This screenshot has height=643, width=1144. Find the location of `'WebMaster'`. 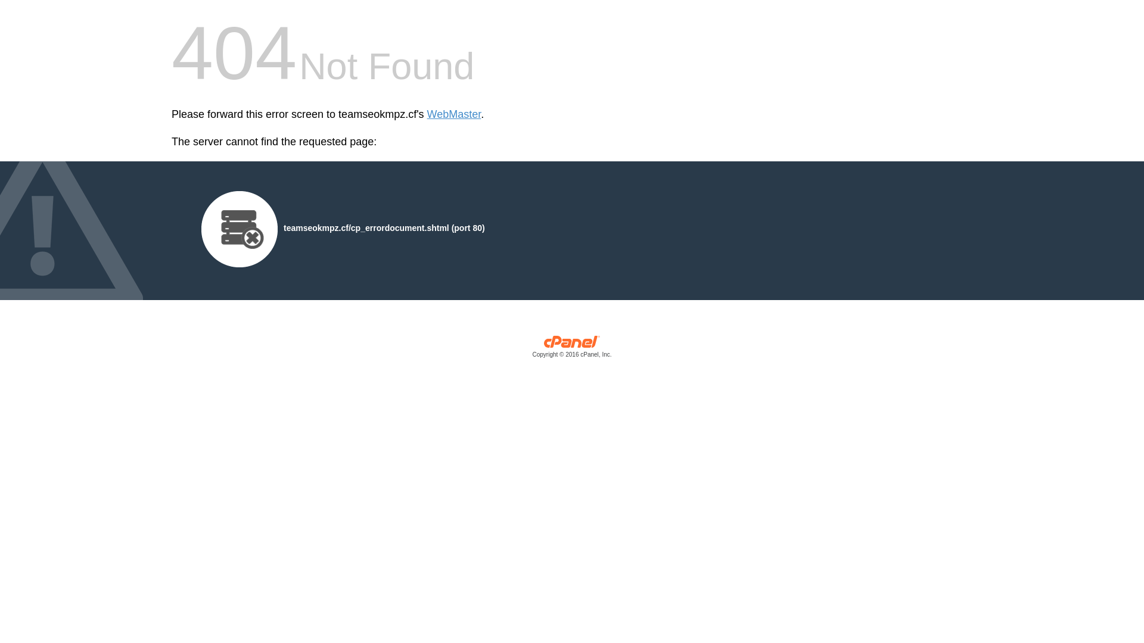

'WebMaster' is located at coordinates (453, 114).